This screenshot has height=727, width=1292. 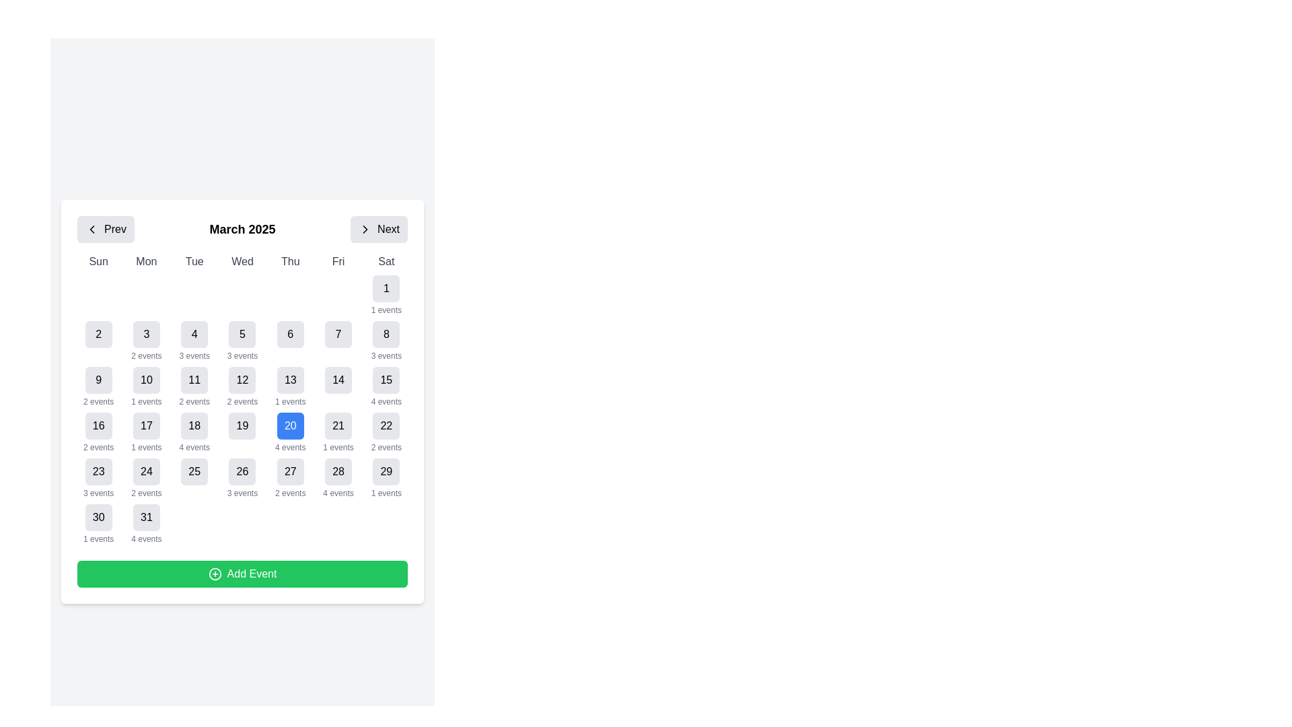 I want to click on the text label indicating the number of scheduled events for the 23rd day in the calendar, located in the fourth row and first column of the calendar layout, so click(x=98, y=493).